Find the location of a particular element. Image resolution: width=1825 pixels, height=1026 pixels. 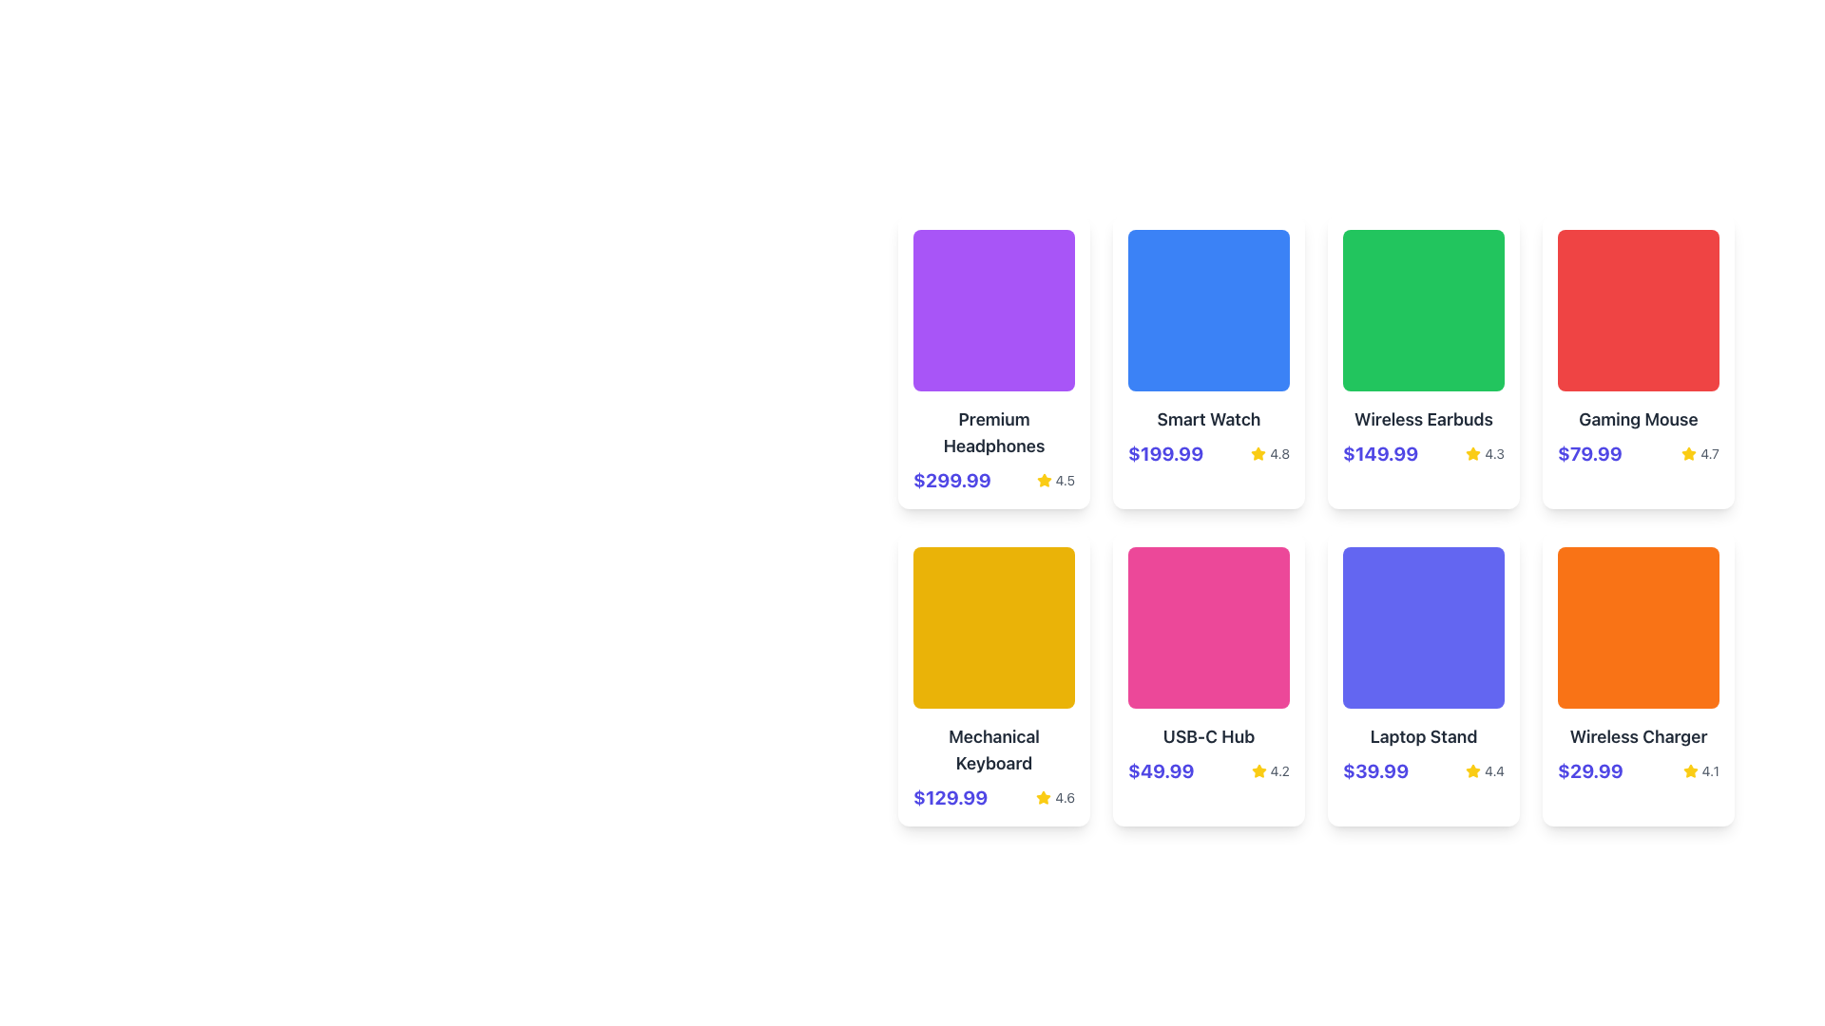

the star icon representing the rating in the bottom right corner of the 'Smart Watch' card, adjacent to the rating text '4.8' is located at coordinates (1258, 454).